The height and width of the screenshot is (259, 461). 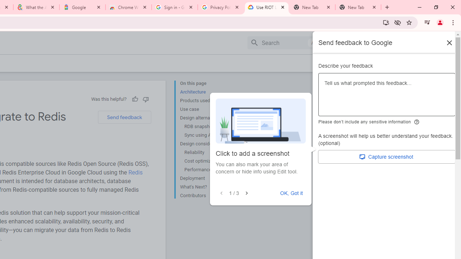 I want to click on 'Send feedback', so click(x=124, y=117).